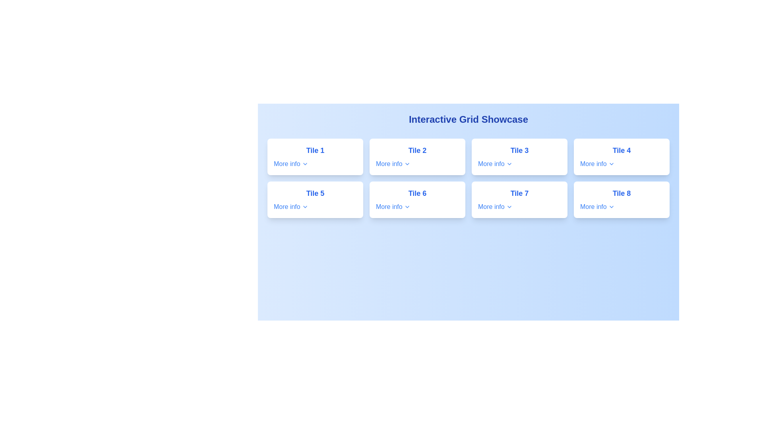  What do you see at coordinates (304, 163) in the screenshot?
I see `the downward-facing chevron icon, which is styled as an SVG and located to the right of the 'More info' text label in 'Tile 1'` at bounding box center [304, 163].